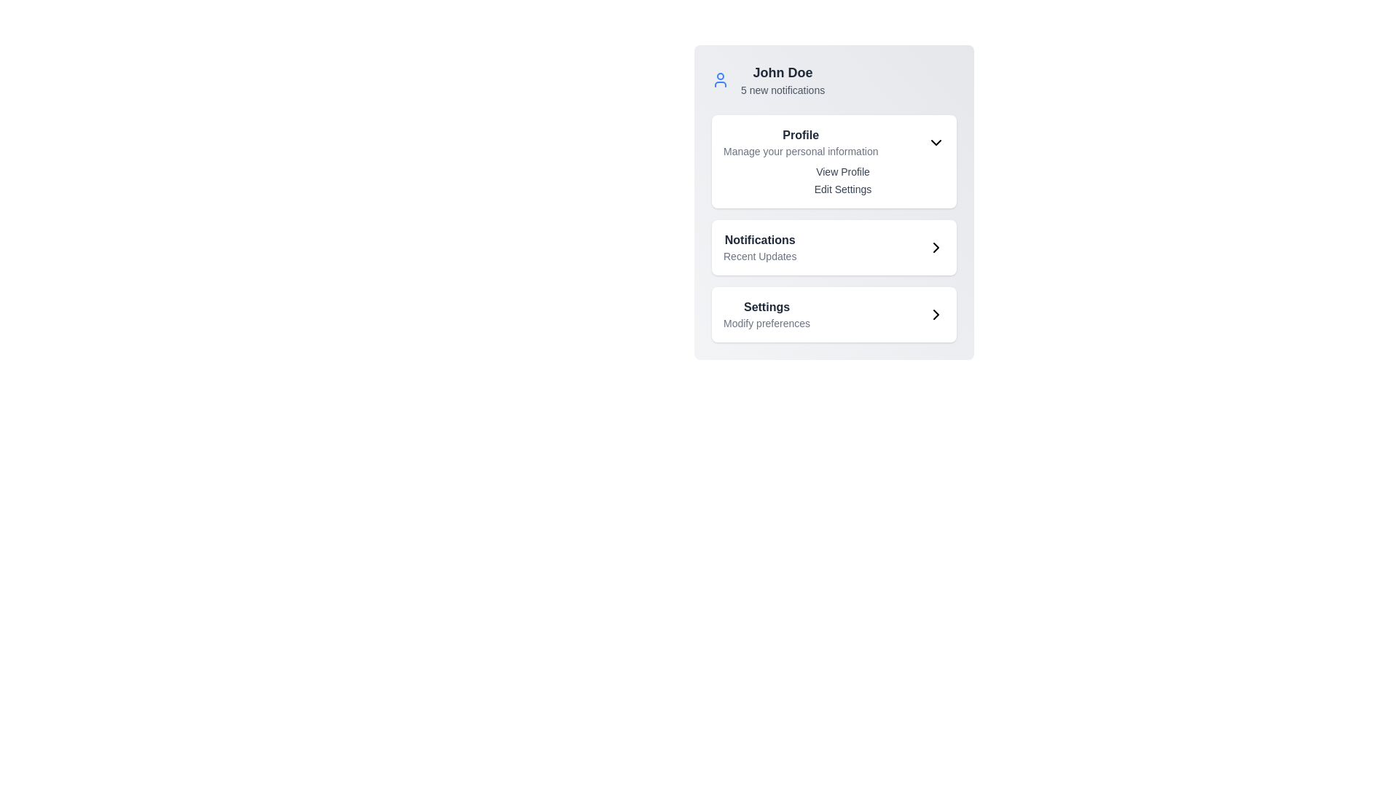 The image size is (1399, 787). Describe the element at coordinates (834, 202) in the screenshot. I see `the dashboard panel component that displays the name 'John Doe' and includes sections for 'Profile', 'Notifications', and 'Settings'` at that location.